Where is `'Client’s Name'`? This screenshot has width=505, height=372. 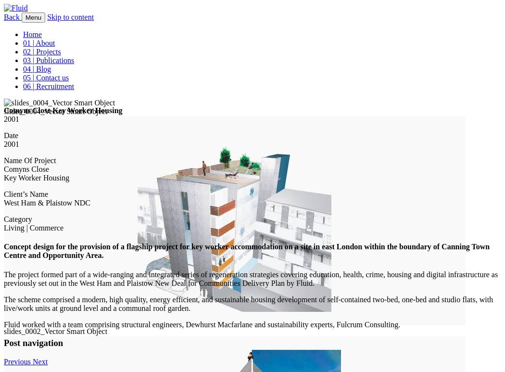
'Client’s Name' is located at coordinates (3, 193).